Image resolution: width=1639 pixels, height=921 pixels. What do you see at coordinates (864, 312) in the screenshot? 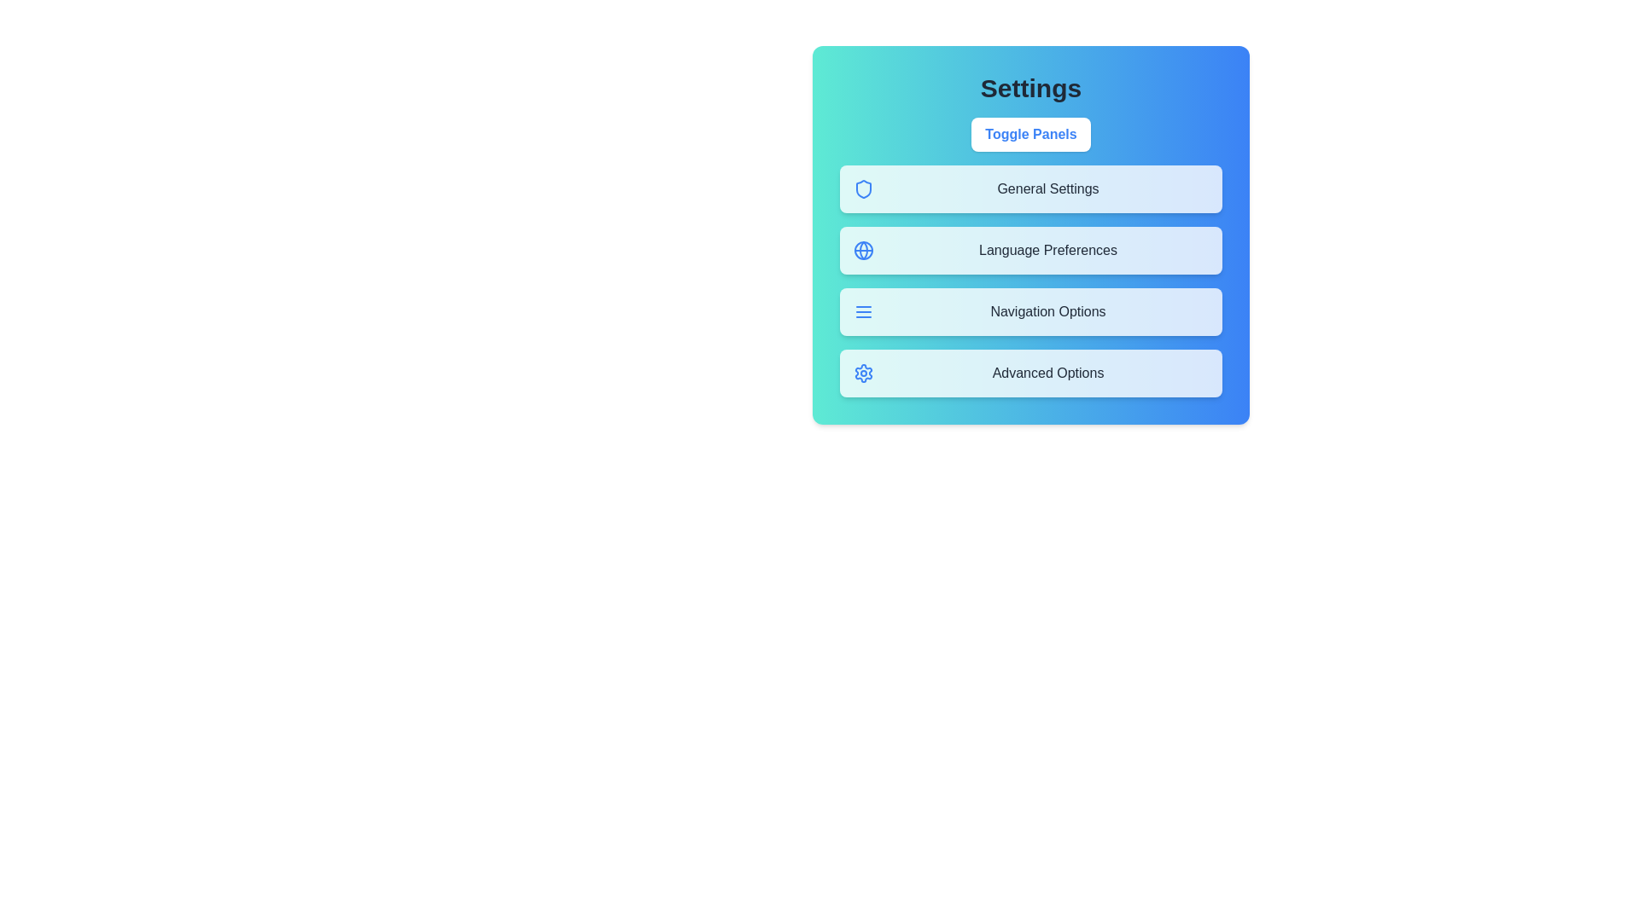
I see `the icon representing Navigation Options to inspect it` at bounding box center [864, 312].